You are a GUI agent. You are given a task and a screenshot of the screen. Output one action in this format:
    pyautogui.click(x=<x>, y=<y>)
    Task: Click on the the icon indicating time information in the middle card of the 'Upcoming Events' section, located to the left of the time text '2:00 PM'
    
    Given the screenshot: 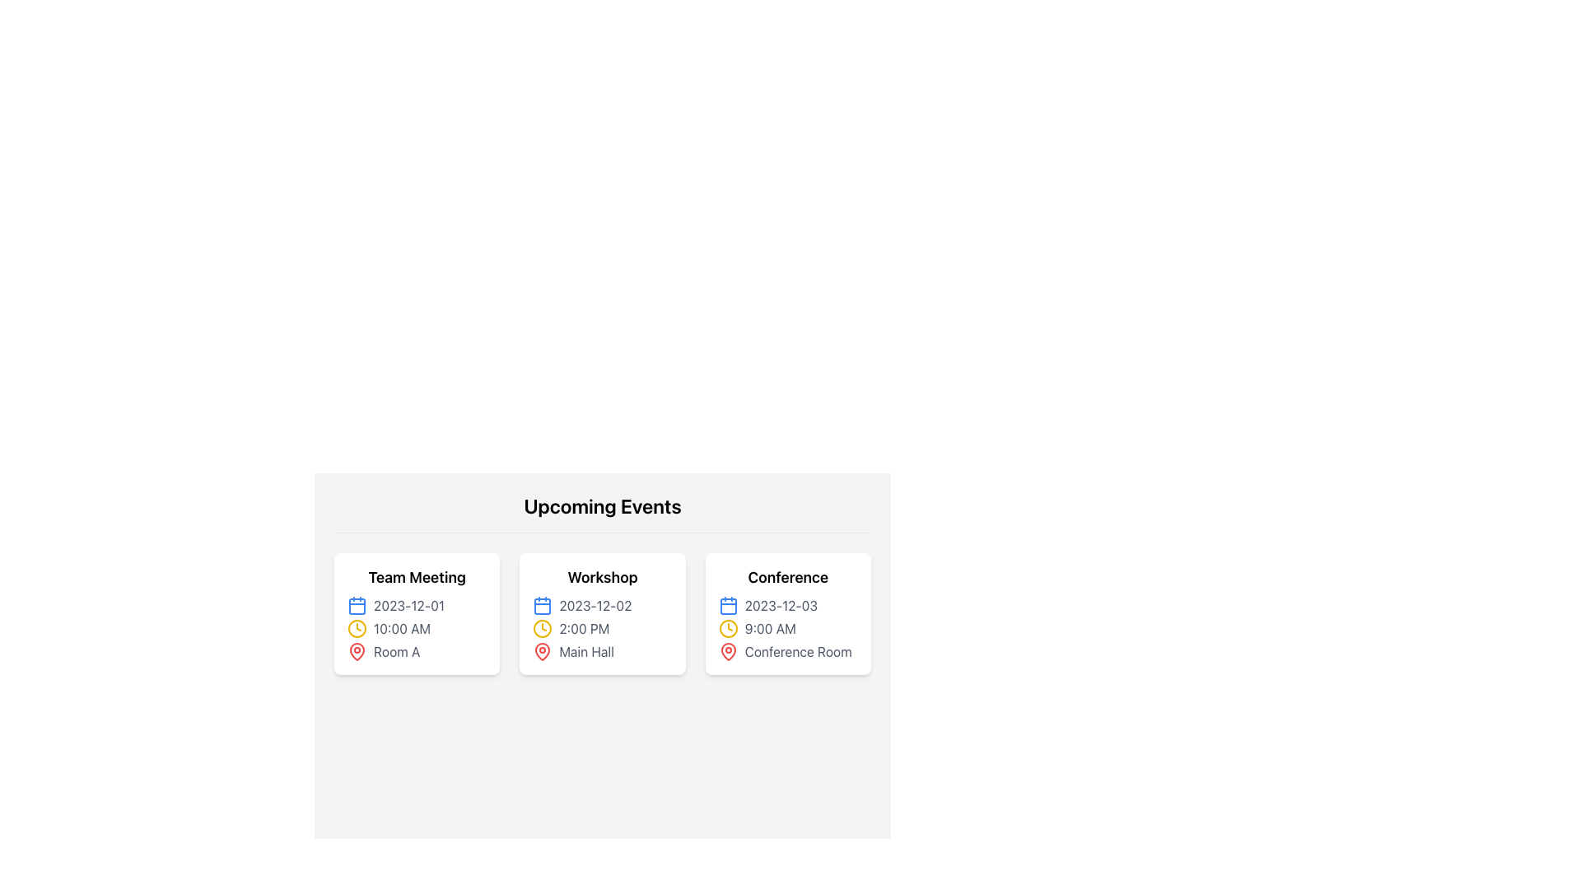 What is the action you would take?
    pyautogui.click(x=543, y=628)
    